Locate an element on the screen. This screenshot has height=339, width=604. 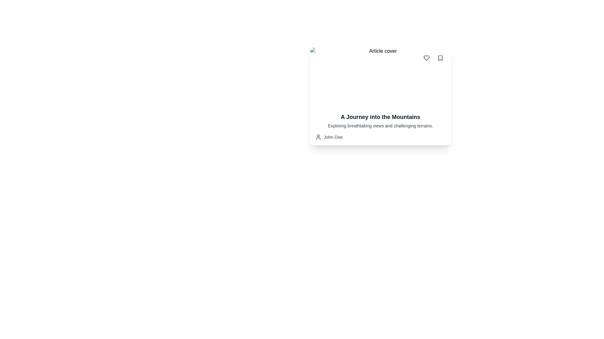
the heading text element which serves as the title for the section, summarizing the content below is located at coordinates (380, 117).